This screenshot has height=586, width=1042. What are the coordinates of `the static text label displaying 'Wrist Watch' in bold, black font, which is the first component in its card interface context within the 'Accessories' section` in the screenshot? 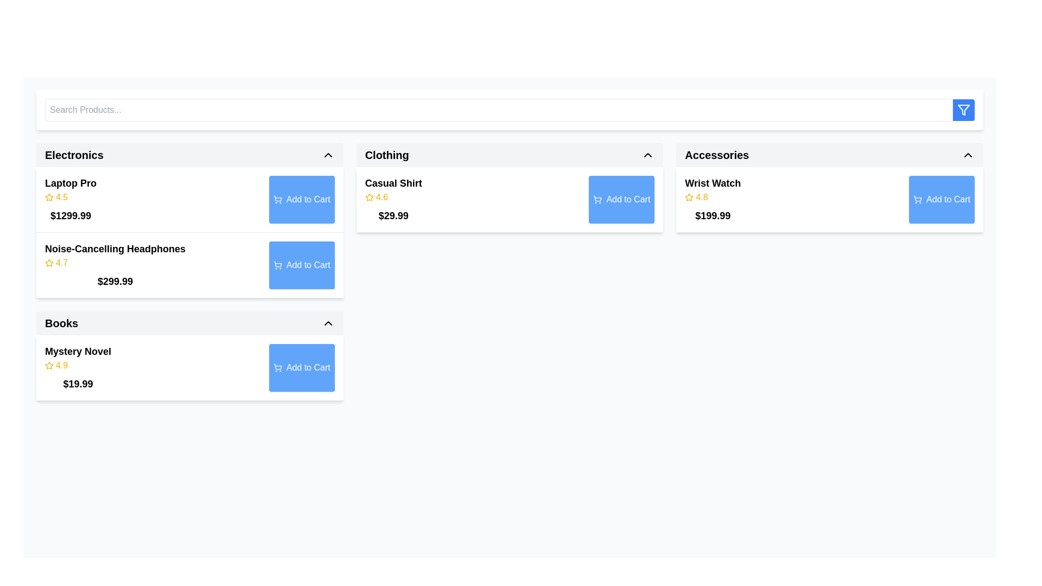 It's located at (713, 183).